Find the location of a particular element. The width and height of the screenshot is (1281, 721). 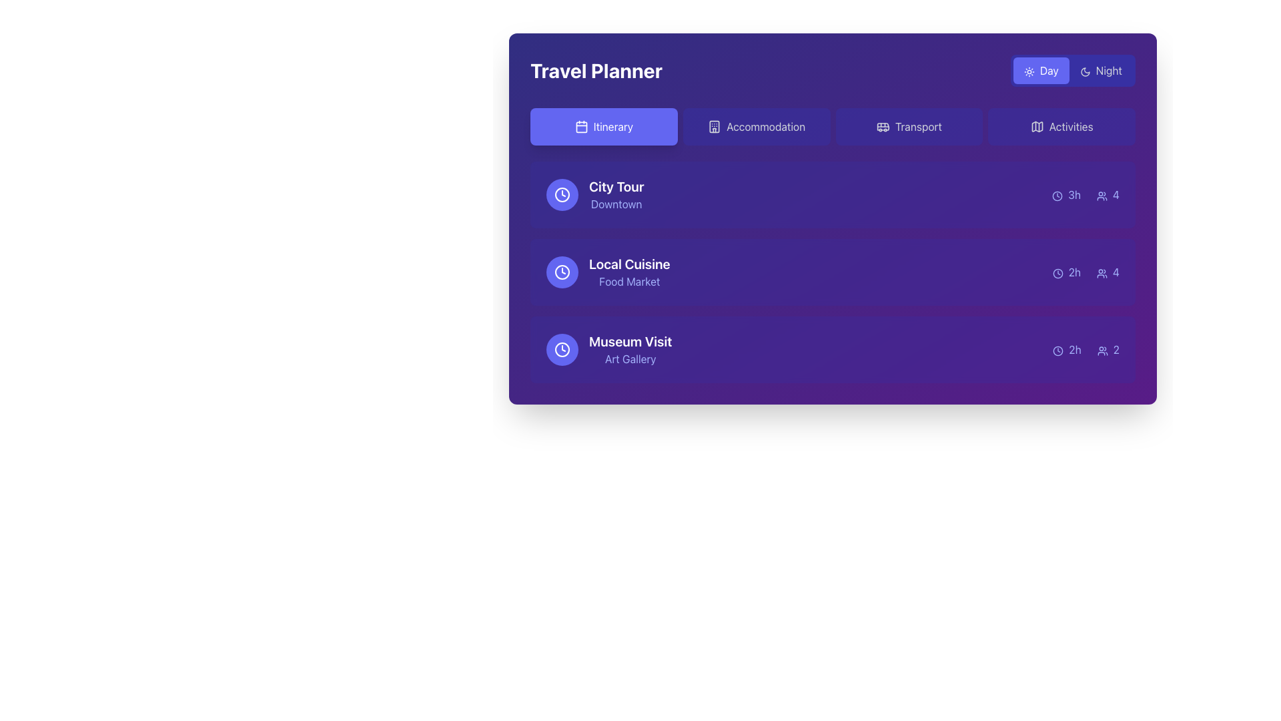

the display of the circular clock icon located to the left of the '2h' text in the third list item of the 'Travel Planner' interface is located at coordinates (1057, 350).